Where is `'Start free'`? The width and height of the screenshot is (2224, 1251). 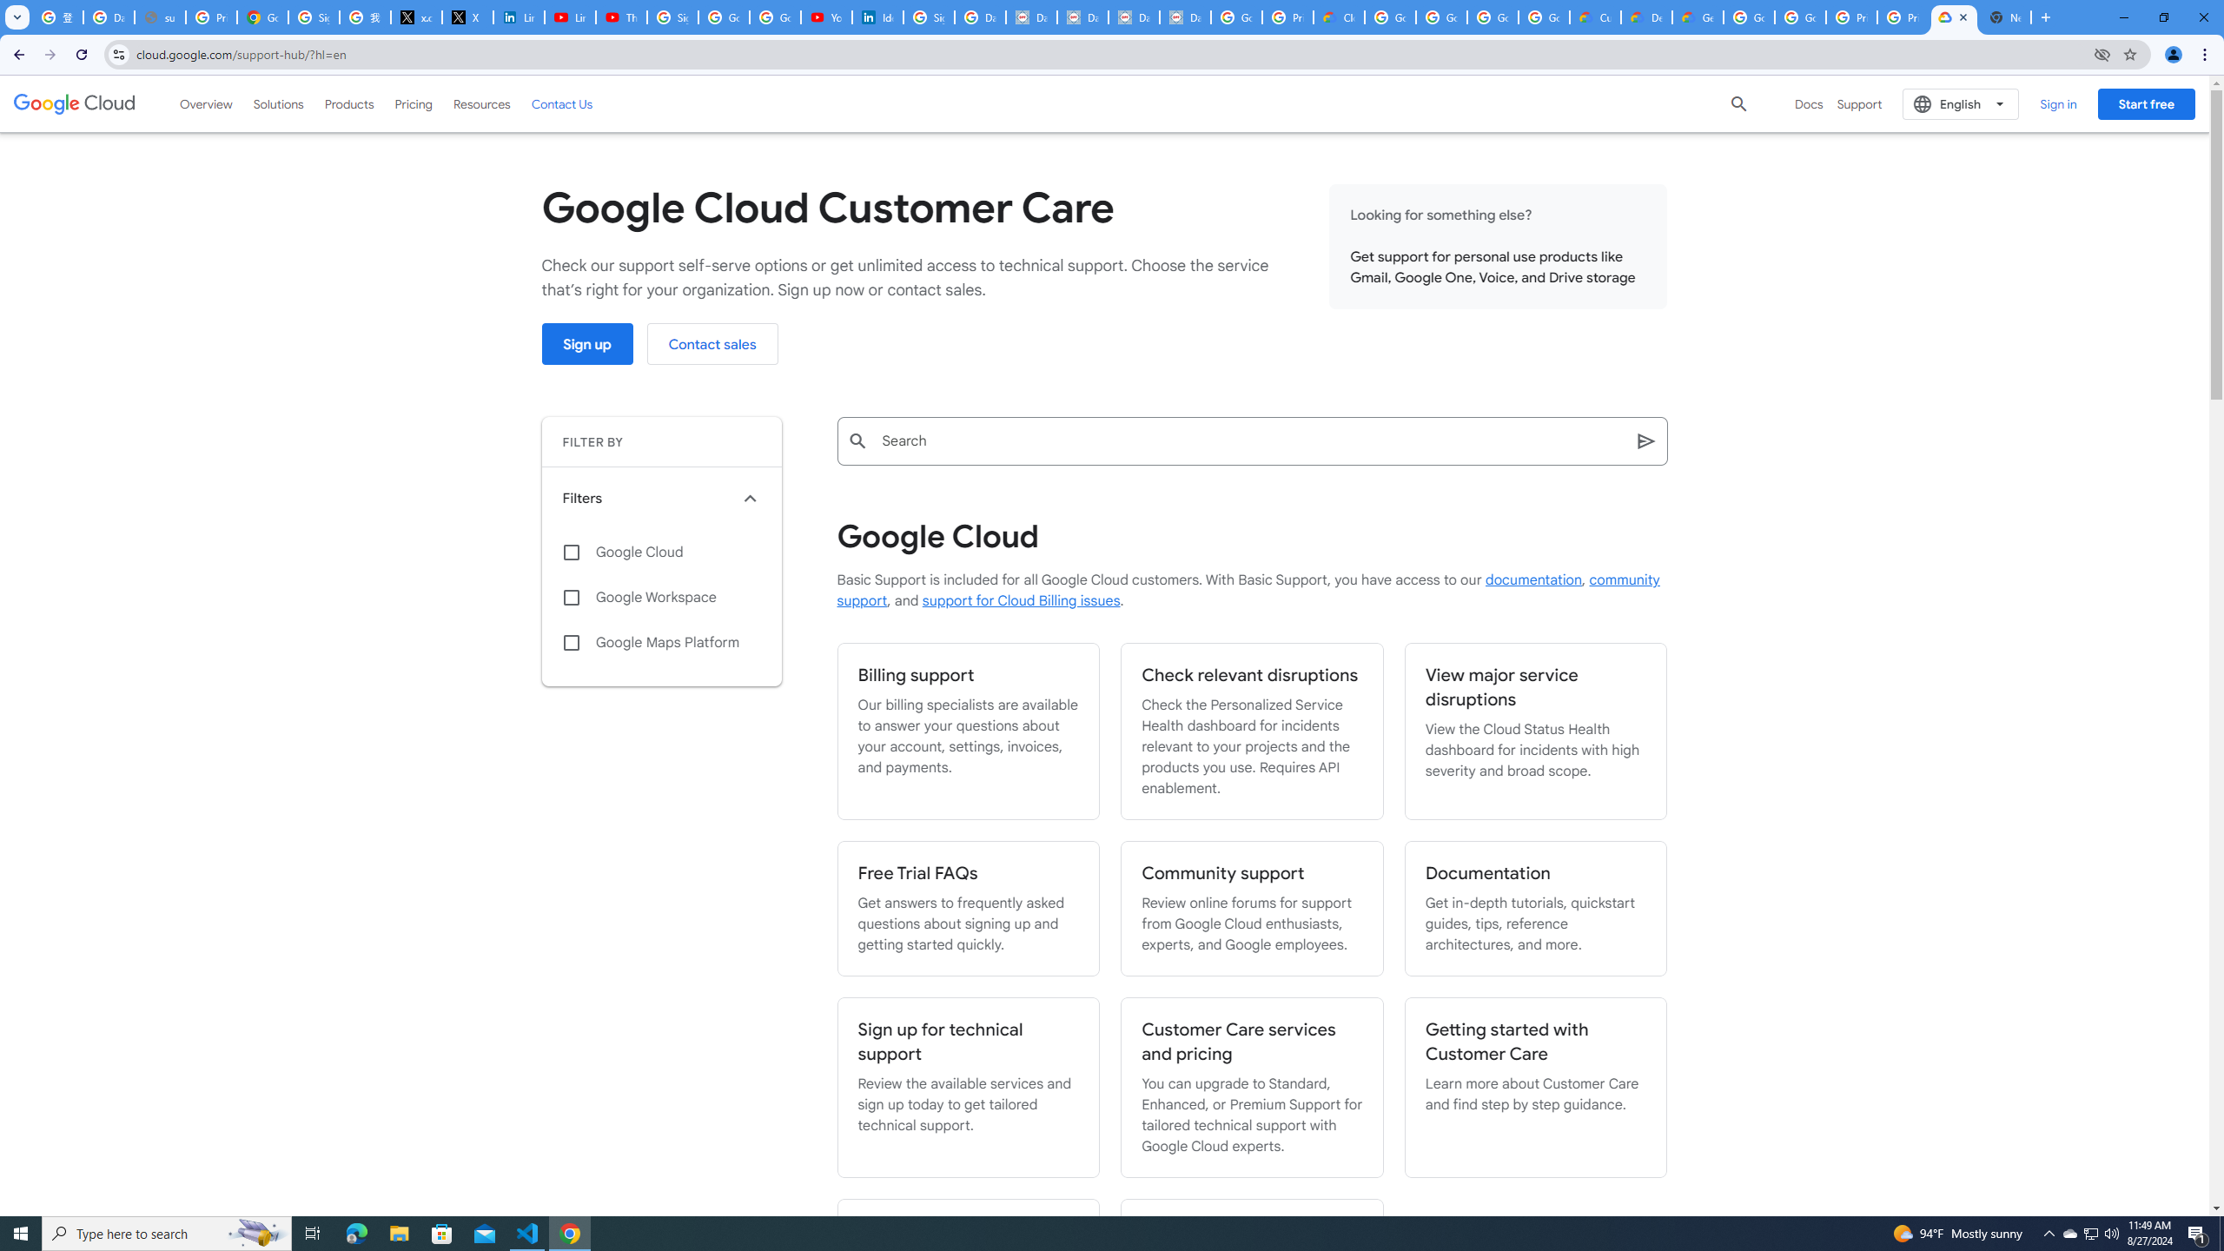
'Start free' is located at coordinates (2146, 103).